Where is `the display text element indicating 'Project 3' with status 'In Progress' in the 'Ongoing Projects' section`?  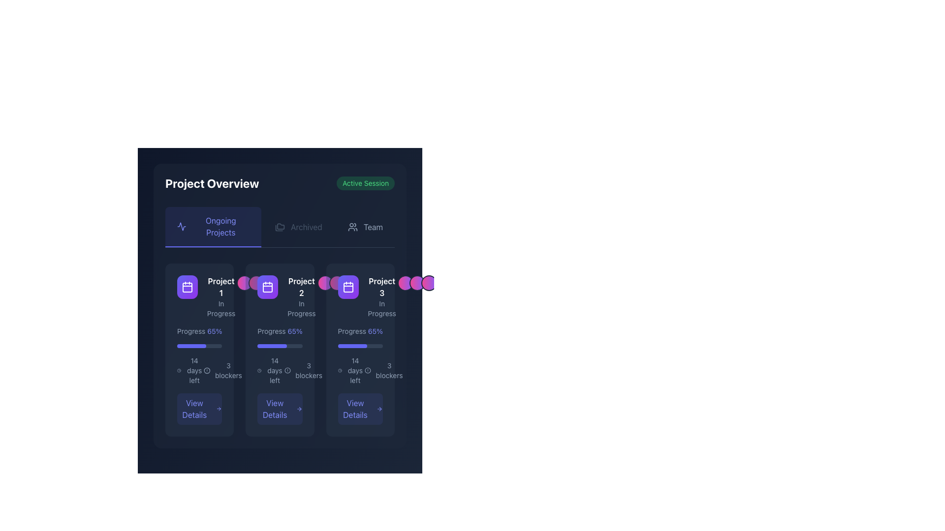
the display text element indicating 'Project 3' with status 'In Progress' in the 'Ongoing Projects' section is located at coordinates (381, 296).